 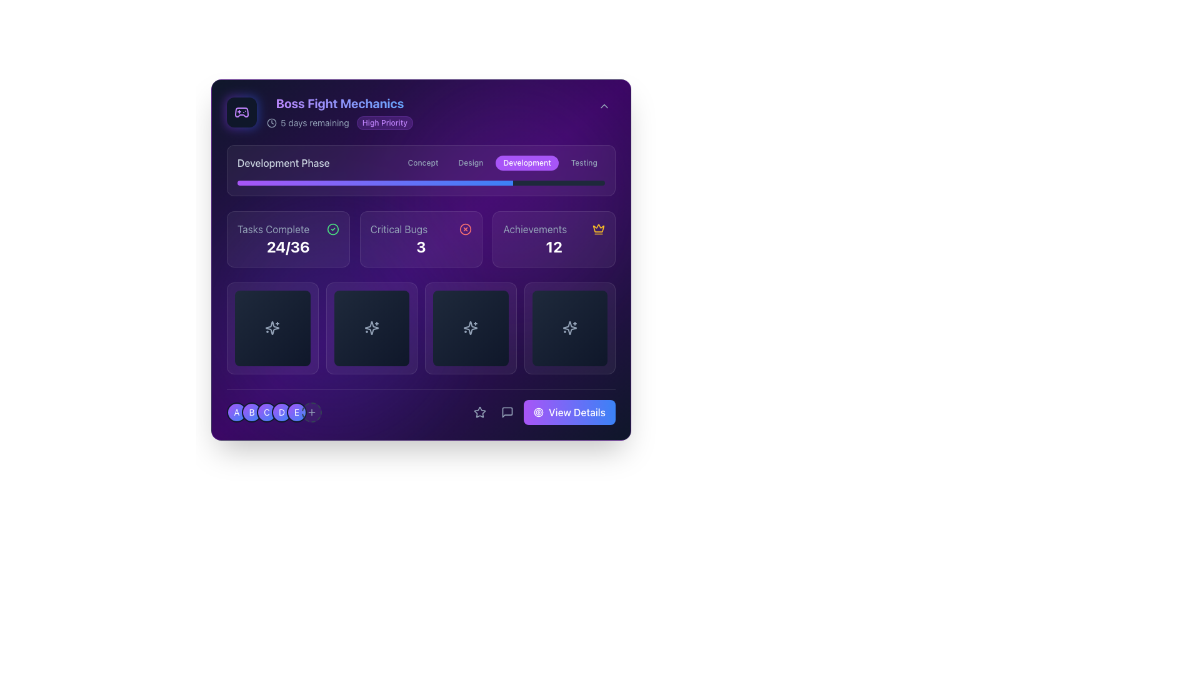 I want to click on the Informational card displaying the count of critical bugs, currently showing '3', located in the middle column of the grid between 'Tasks Complete' and 'Achievements', so click(x=421, y=259).